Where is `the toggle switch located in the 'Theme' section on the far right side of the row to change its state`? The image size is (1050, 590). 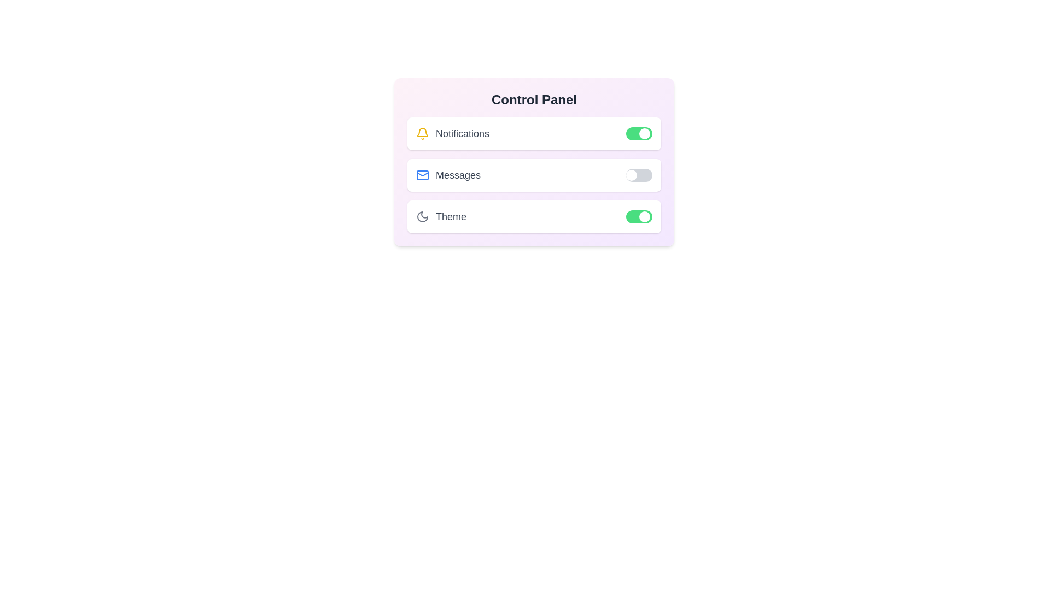 the toggle switch located in the 'Theme' section on the far right side of the row to change its state is located at coordinates (639, 217).